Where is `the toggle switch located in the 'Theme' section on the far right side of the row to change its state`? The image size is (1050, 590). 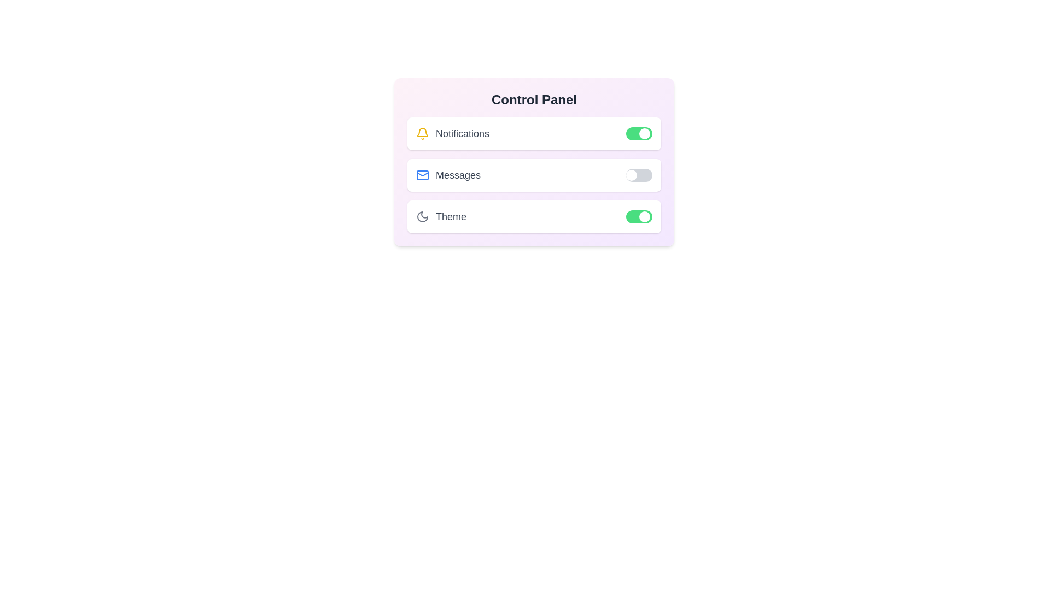 the toggle switch located in the 'Theme' section on the far right side of the row to change its state is located at coordinates (639, 217).